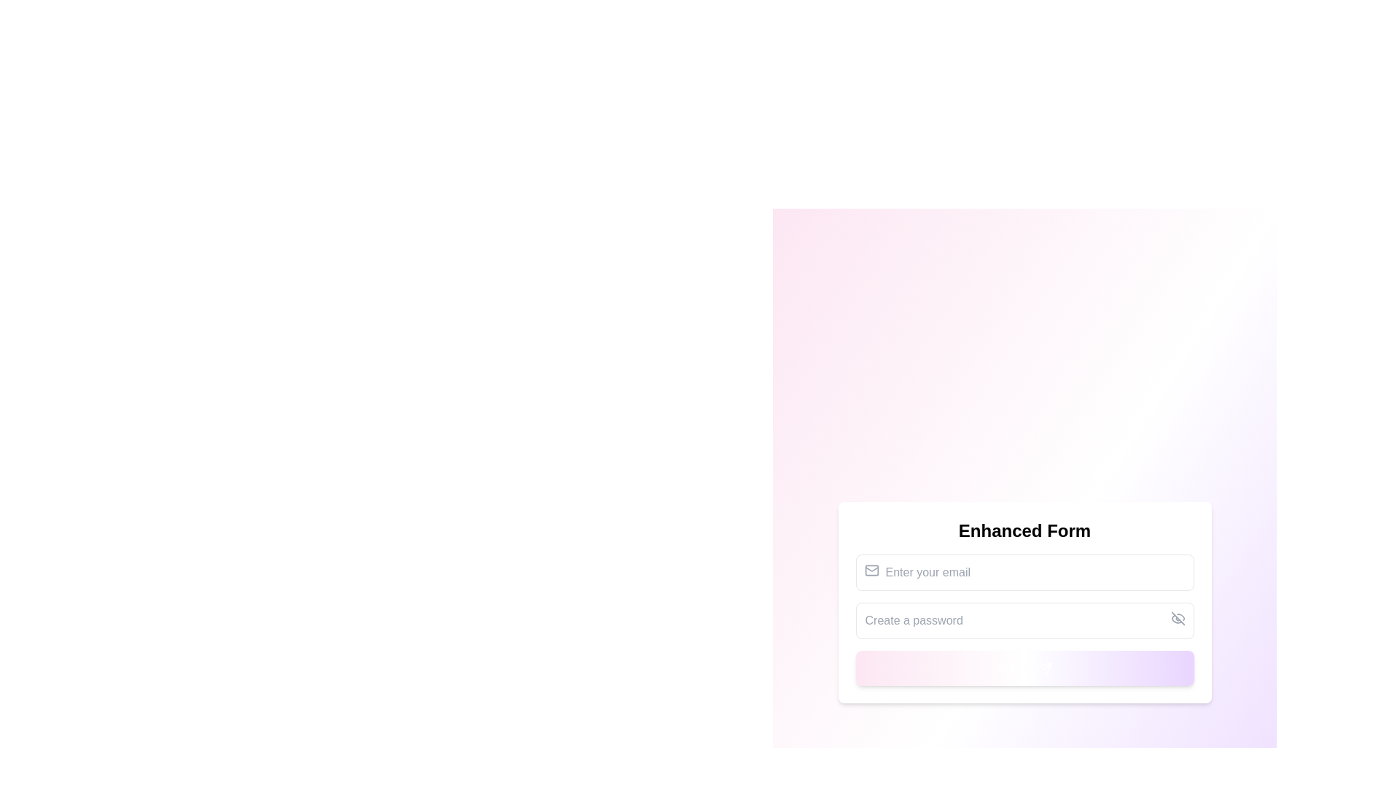  Describe the element at coordinates (1024, 619) in the screenshot. I see `the password input field labeled 'Create a password' to focus on it` at that location.